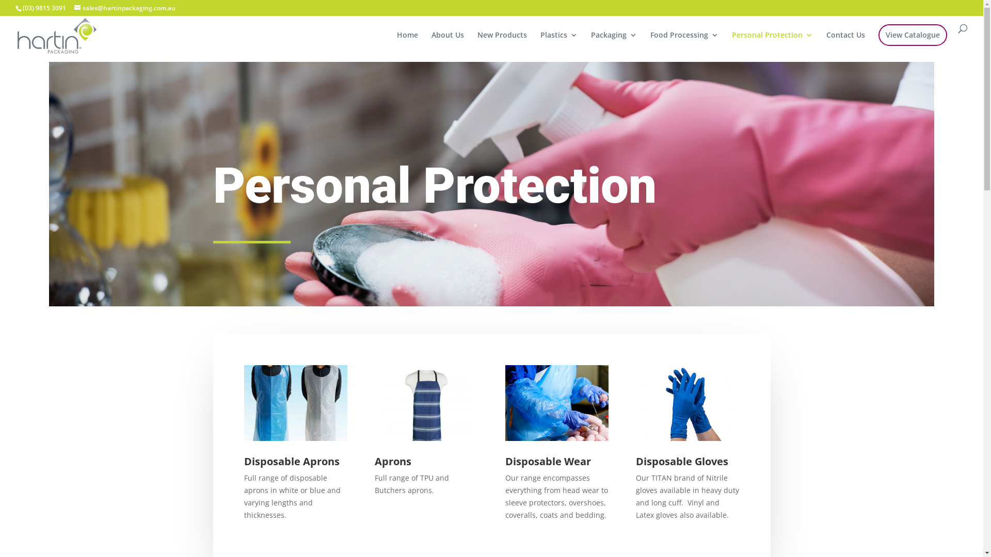 The image size is (991, 557). Describe the element at coordinates (44, 8) in the screenshot. I see `'(03) 9815 3091'` at that location.